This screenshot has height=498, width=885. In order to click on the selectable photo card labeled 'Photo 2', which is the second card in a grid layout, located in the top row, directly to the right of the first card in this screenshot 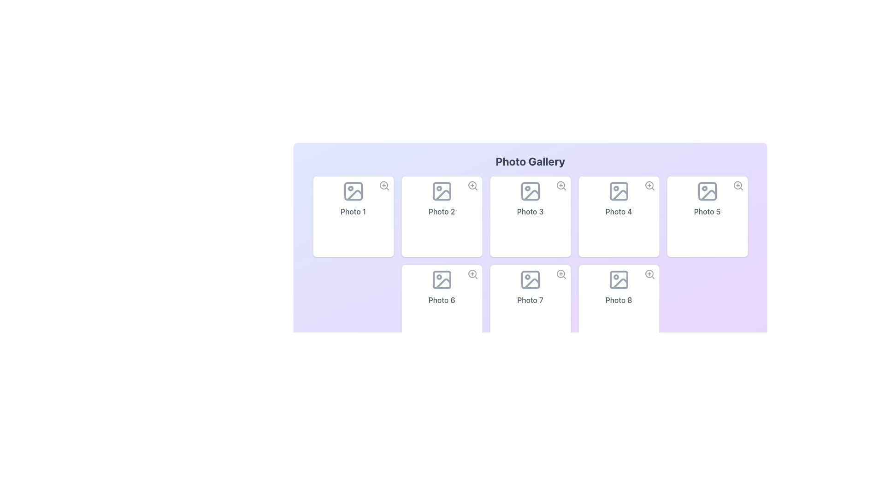, I will do `click(441, 217)`.